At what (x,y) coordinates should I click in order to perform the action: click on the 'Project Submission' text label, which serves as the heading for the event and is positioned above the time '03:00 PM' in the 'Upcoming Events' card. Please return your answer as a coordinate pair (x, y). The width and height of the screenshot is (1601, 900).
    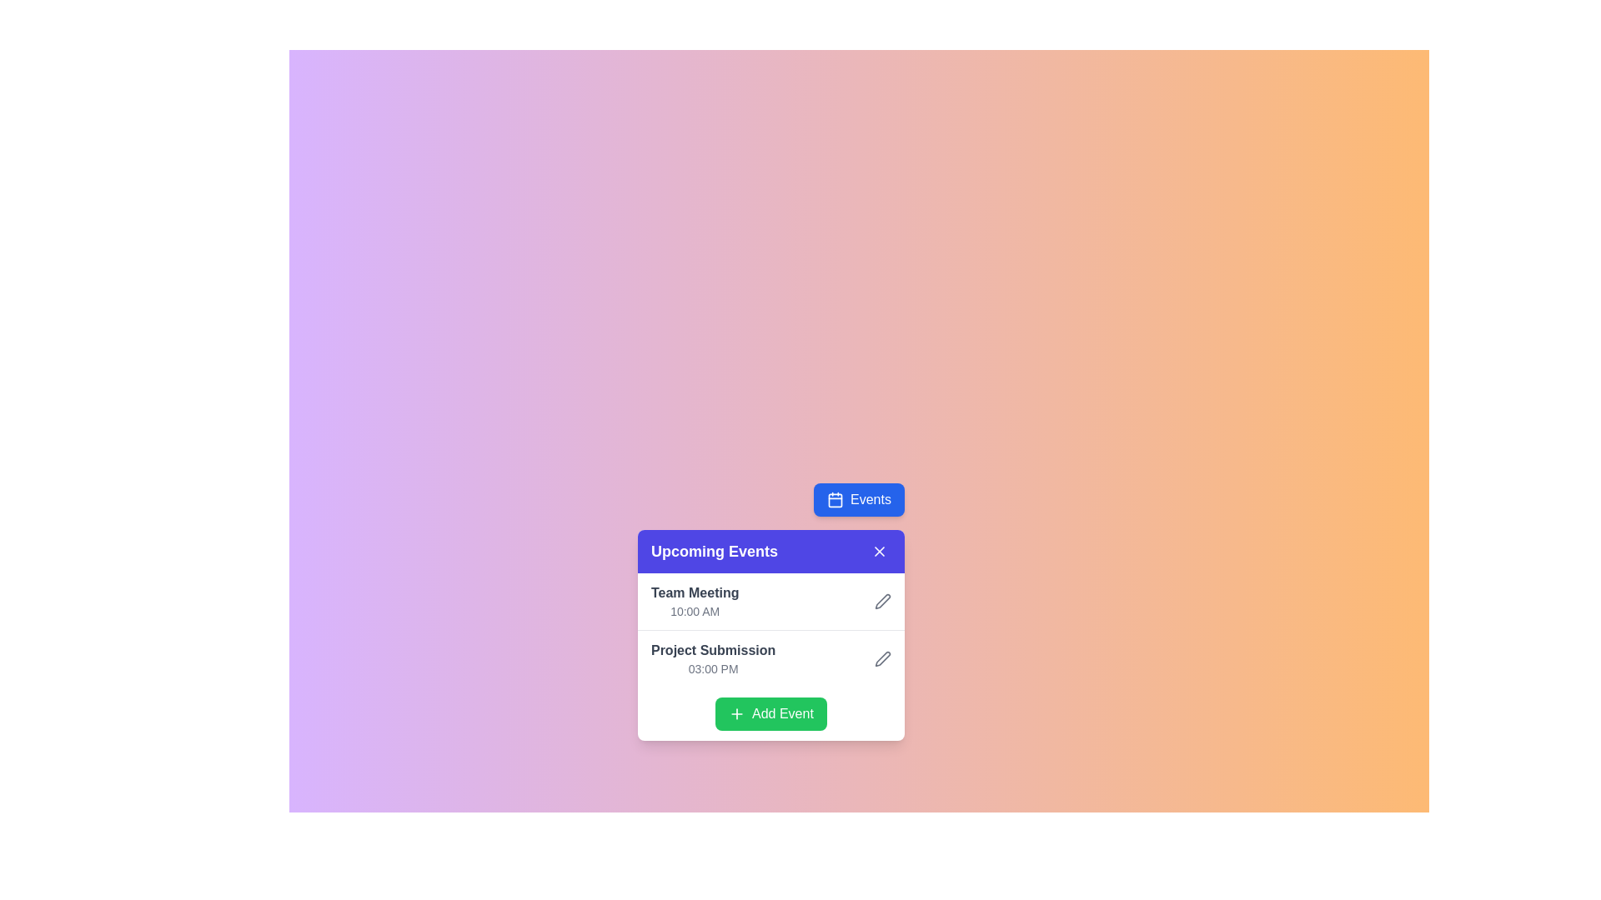
    Looking at the image, I should click on (713, 649).